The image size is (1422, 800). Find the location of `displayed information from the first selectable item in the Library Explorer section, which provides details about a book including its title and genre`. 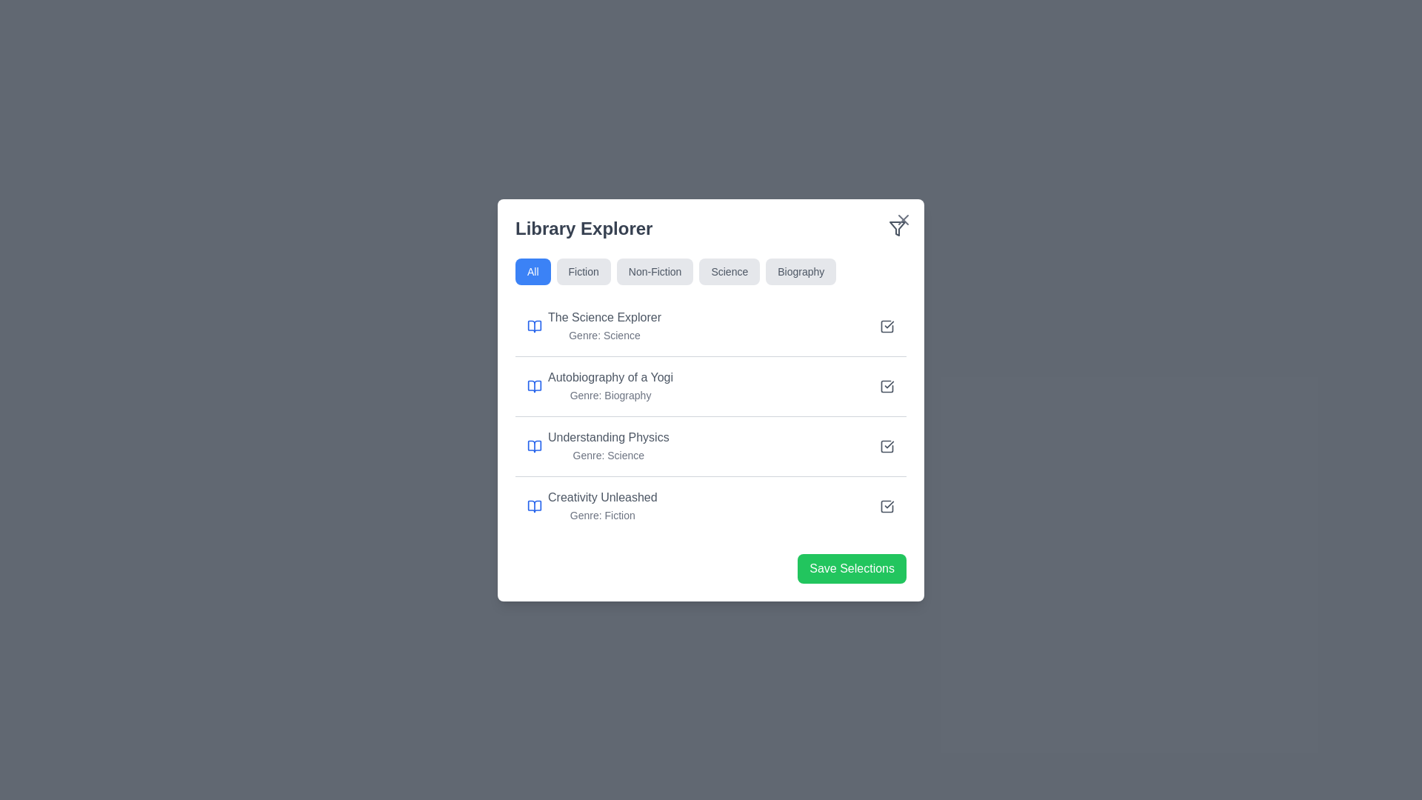

displayed information from the first selectable item in the Library Explorer section, which provides details about a book including its title and genre is located at coordinates (711, 324).